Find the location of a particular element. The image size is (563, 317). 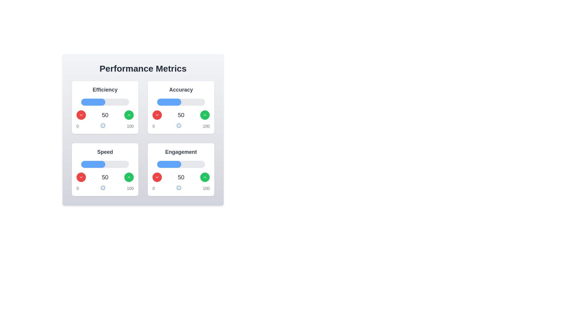

the text display showing the number '50' in bold, dark gray font, located in the 'Accuracy' performance card within the 'Performance Metrics' grid is located at coordinates (181, 115).